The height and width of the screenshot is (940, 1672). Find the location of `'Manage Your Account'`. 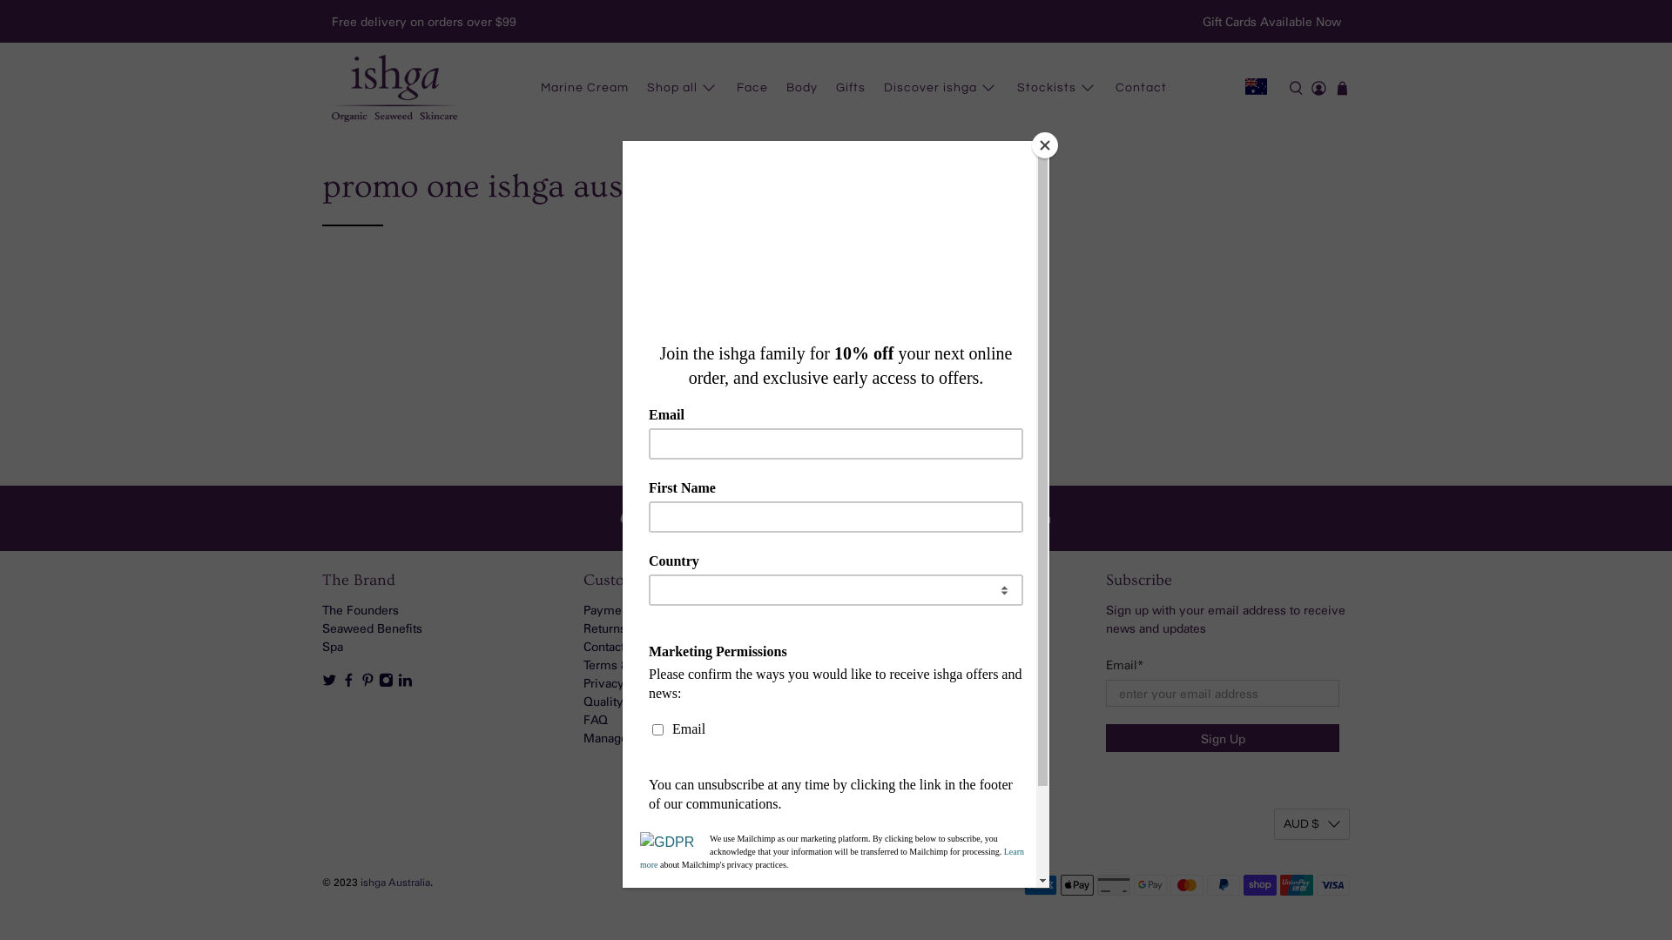

'Manage Your Account' is located at coordinates (643, 737).